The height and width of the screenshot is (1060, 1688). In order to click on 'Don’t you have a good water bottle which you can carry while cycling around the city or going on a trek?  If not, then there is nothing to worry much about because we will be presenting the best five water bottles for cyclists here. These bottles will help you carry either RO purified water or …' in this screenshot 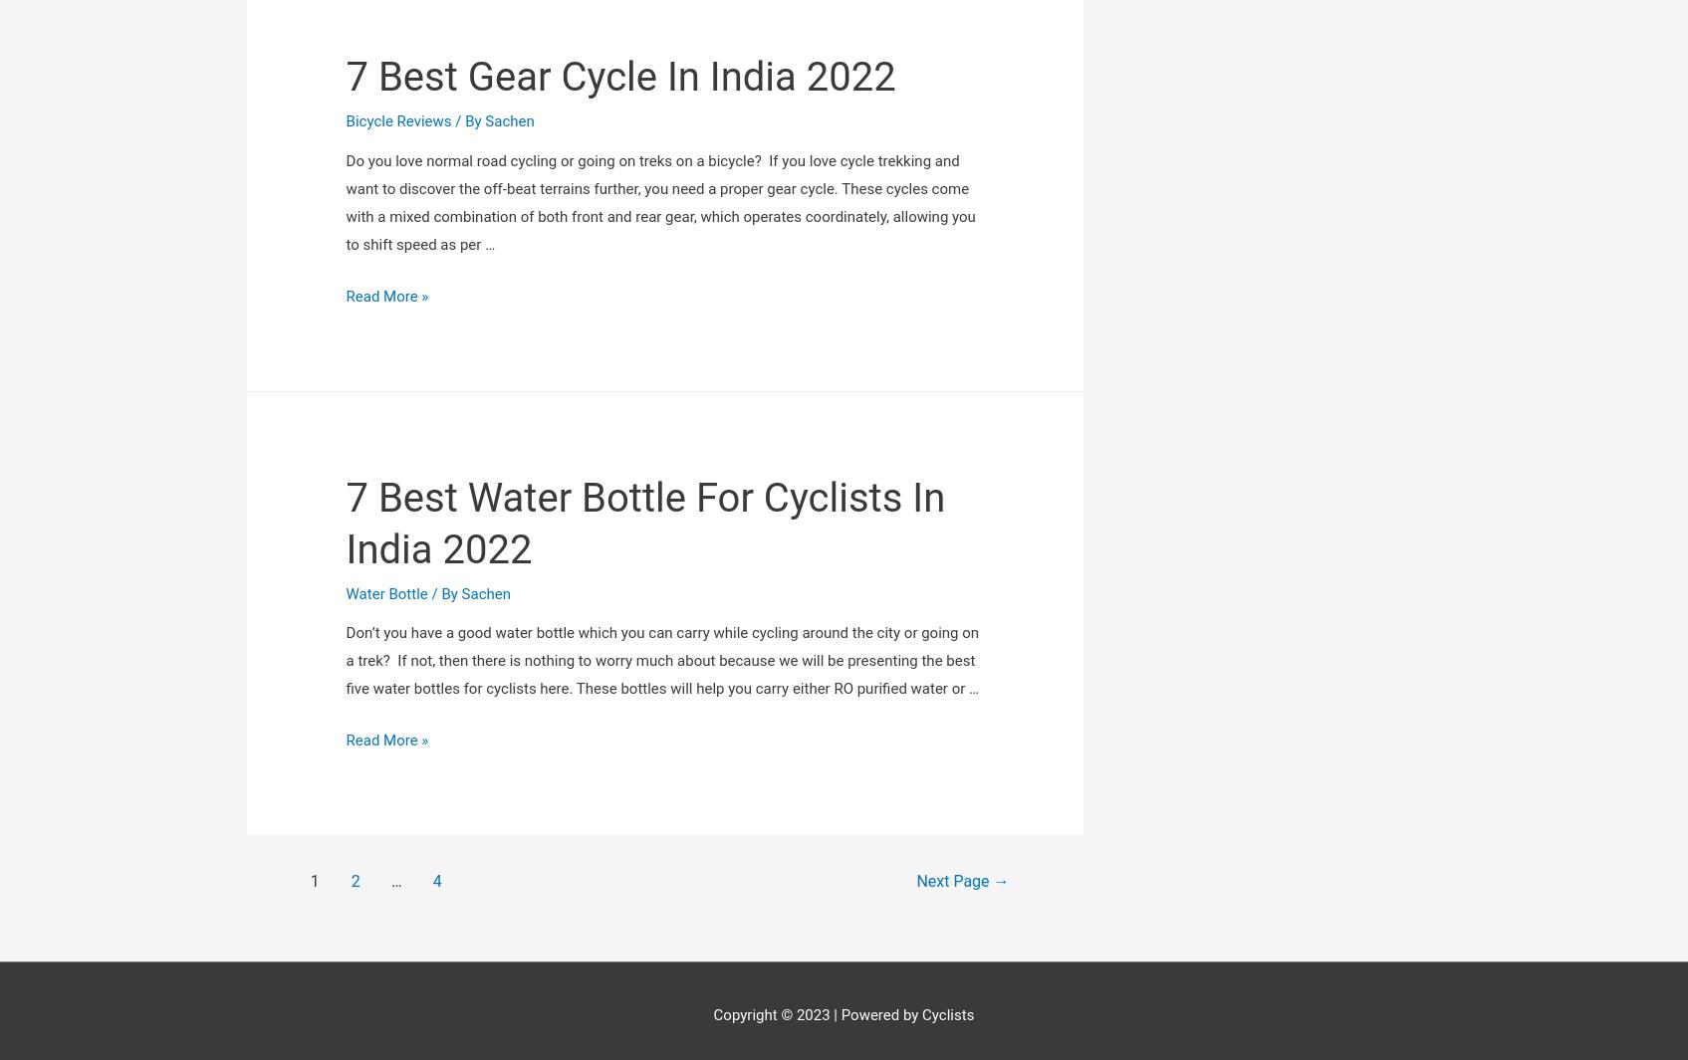, I will do `click(661, 420)`.